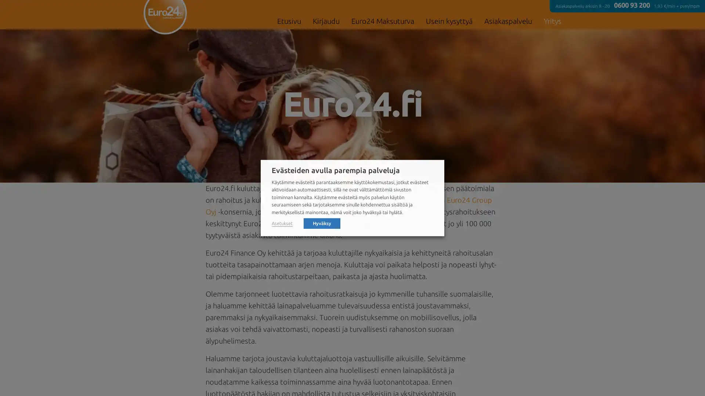 This screenshot has width=705, height=396. What do you see at coordinates (322, 223) in the screenshot?
I see `Hyvaksy` at bounding box center [322, 223].